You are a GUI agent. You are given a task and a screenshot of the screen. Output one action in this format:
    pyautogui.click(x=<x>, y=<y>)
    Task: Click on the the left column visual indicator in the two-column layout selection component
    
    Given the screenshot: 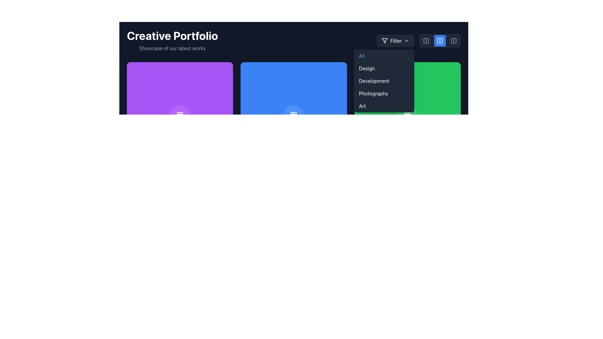 What is the action you would take?
    pyautogui.click(x=440, y=41)
    